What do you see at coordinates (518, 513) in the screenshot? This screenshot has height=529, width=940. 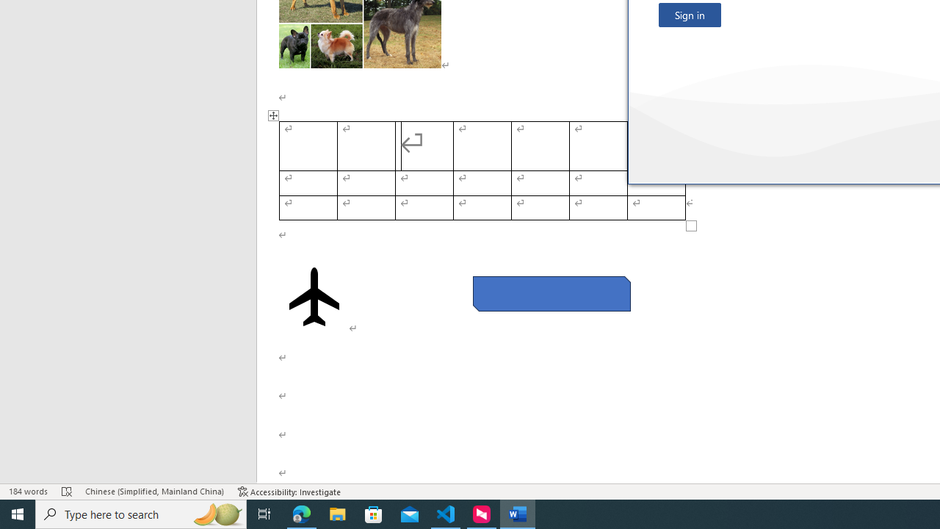 I see `'Word - 1 running window'` at bounding box center [518, 513].